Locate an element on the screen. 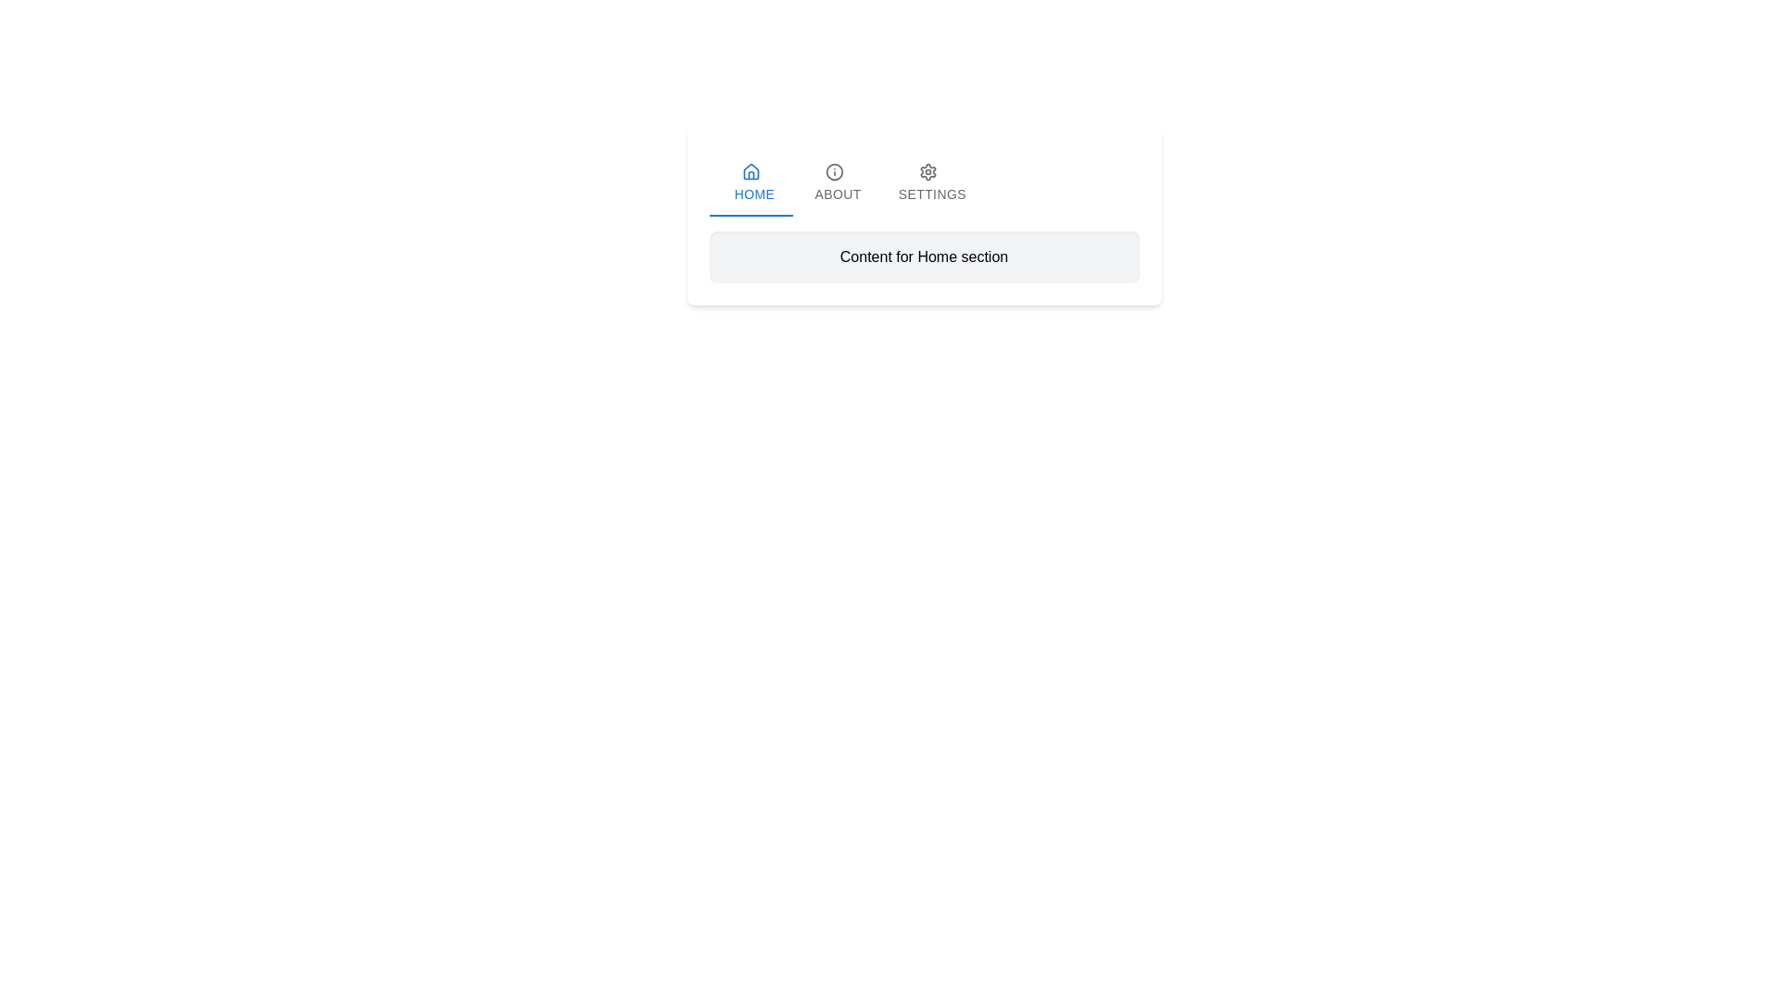 The height and width of the screenshot is (1000, 1779). the SVG circle element that distinguishes the 'ABOUT' tab in the navigation menu is located at coordinates (833, 172).